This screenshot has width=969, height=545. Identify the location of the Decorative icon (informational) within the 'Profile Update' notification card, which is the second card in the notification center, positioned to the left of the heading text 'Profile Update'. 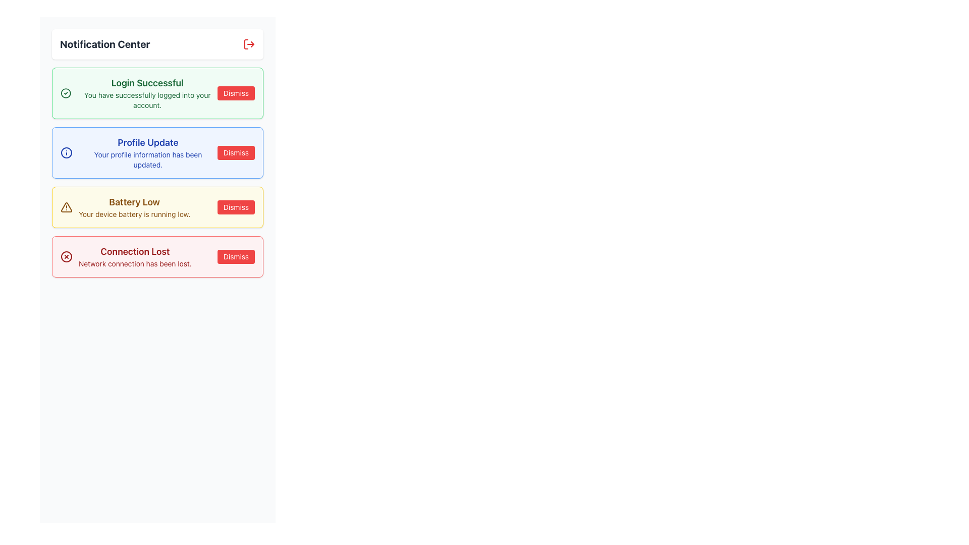
(66, 153).